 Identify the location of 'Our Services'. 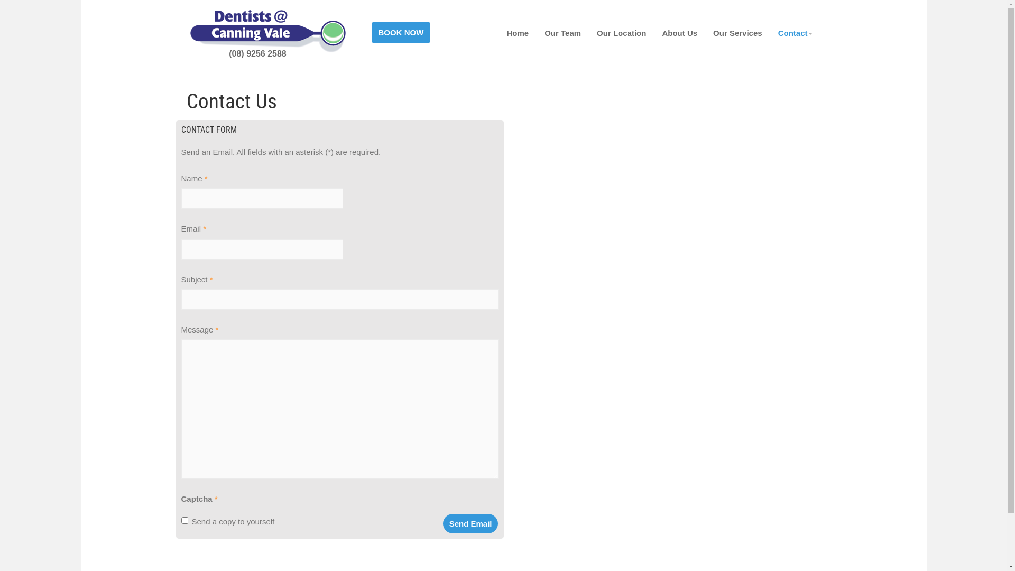
(705, 32).